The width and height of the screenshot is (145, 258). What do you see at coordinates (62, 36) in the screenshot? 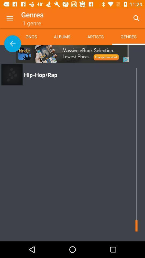
I see `app next to the songs icon` at bounding box center [62, 36].